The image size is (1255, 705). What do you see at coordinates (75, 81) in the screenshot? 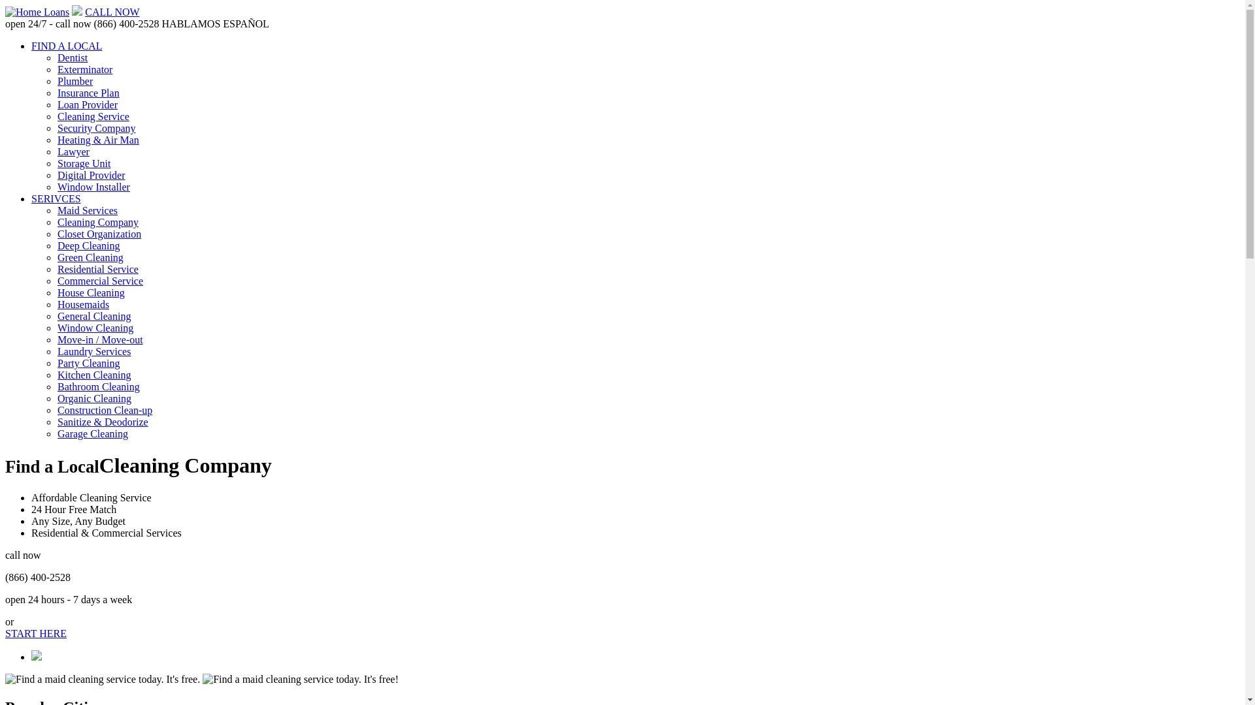
I see `'Plumber'` at bounding box center [75, 81].